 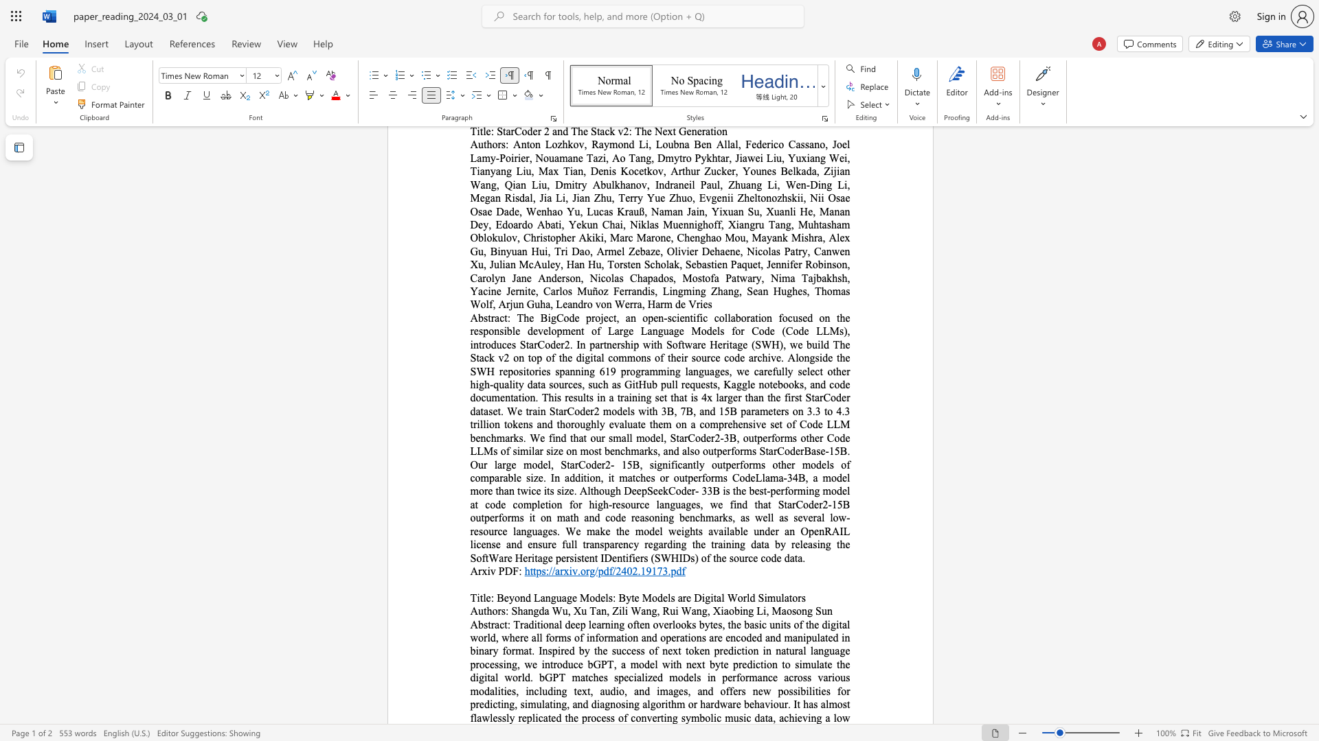 What do you see at coordinates (649, 663) in the screenshot?
I see `the subset text "el with next byte prediction to simulate the digital world. bGPT matches specialized models i" within the text "Traditional deep learning often overlooks bytes, the basic units of the digital world, where all forms of information and operations are encoded and manipulated in binary format. Inspired by the success of next token prediction in natural language processing, we introduce bGPT, a model with next byte prediction to simulate the digital world. bGPT matches specialized models in performance across various modalities, including text, audio, and images, and offers new possibilities for predicting, simulating, and diagnosing algorithm or hardware behaviour. It has almost flawlessly"` at bounding box center [649, 663].